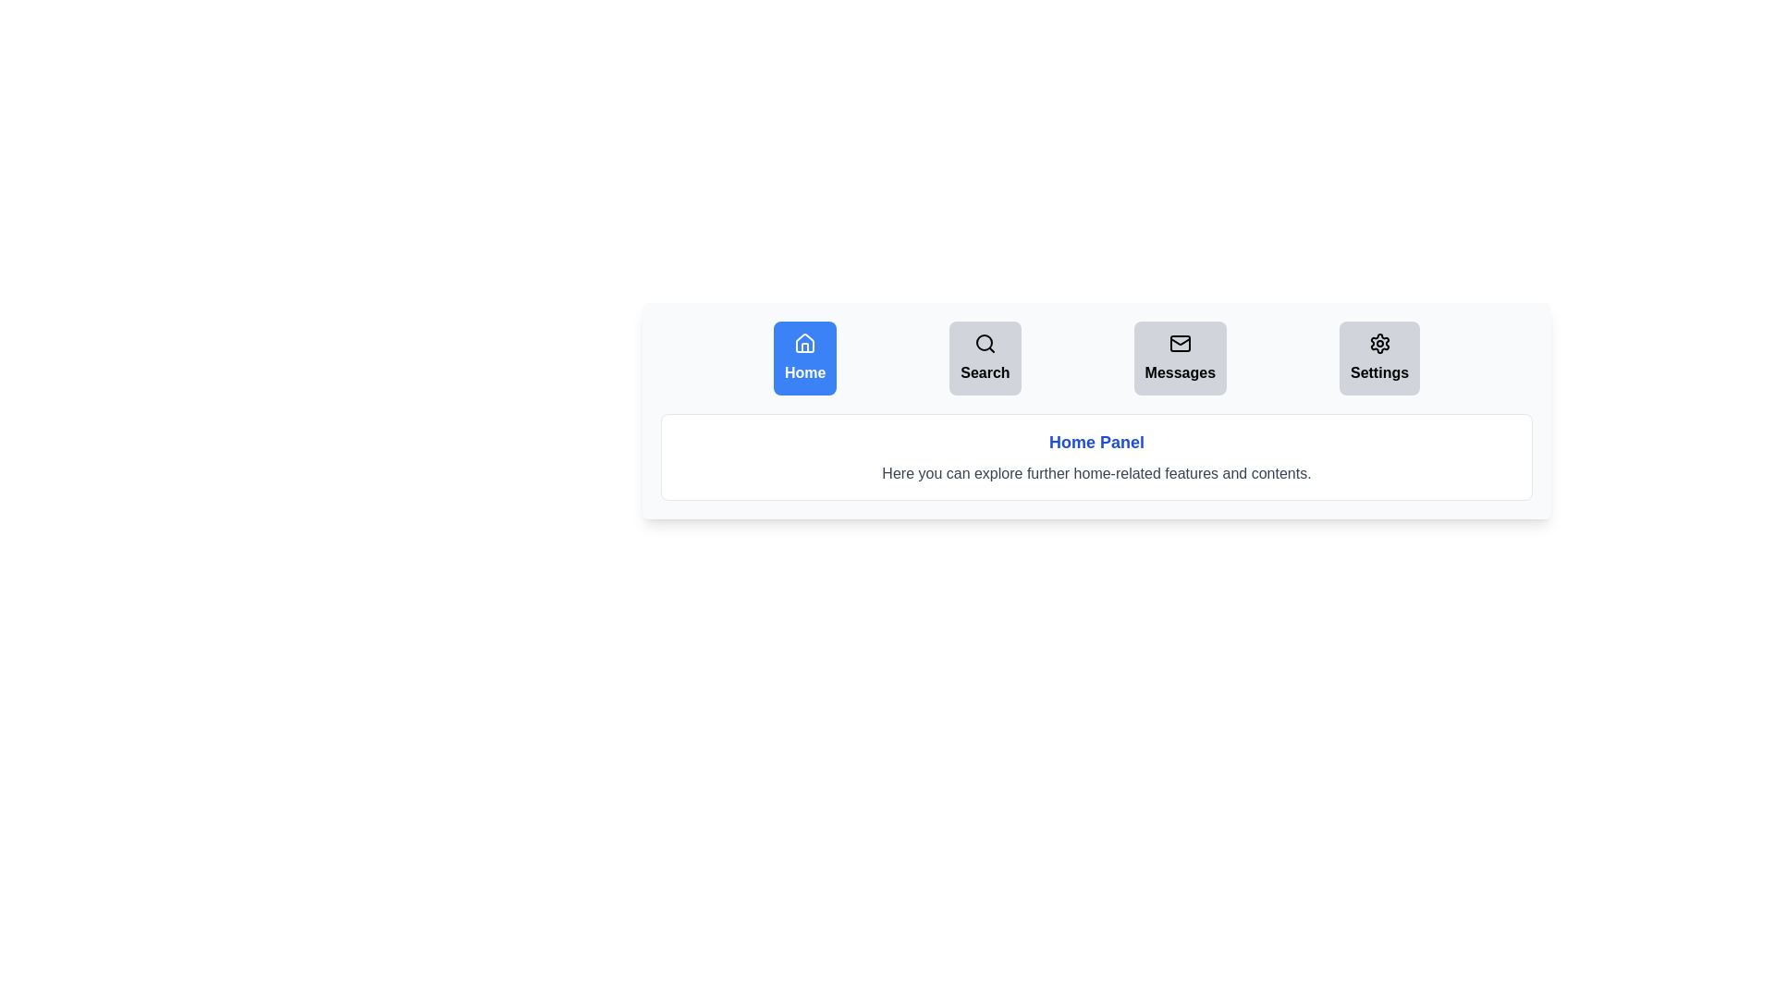 This screenshot has width=1775, height=998. Describe the element at coordinates (805, 359) in the screenshot. I see `the blue 'Home' button with rounded corners that has white text and a house icon` at that location.